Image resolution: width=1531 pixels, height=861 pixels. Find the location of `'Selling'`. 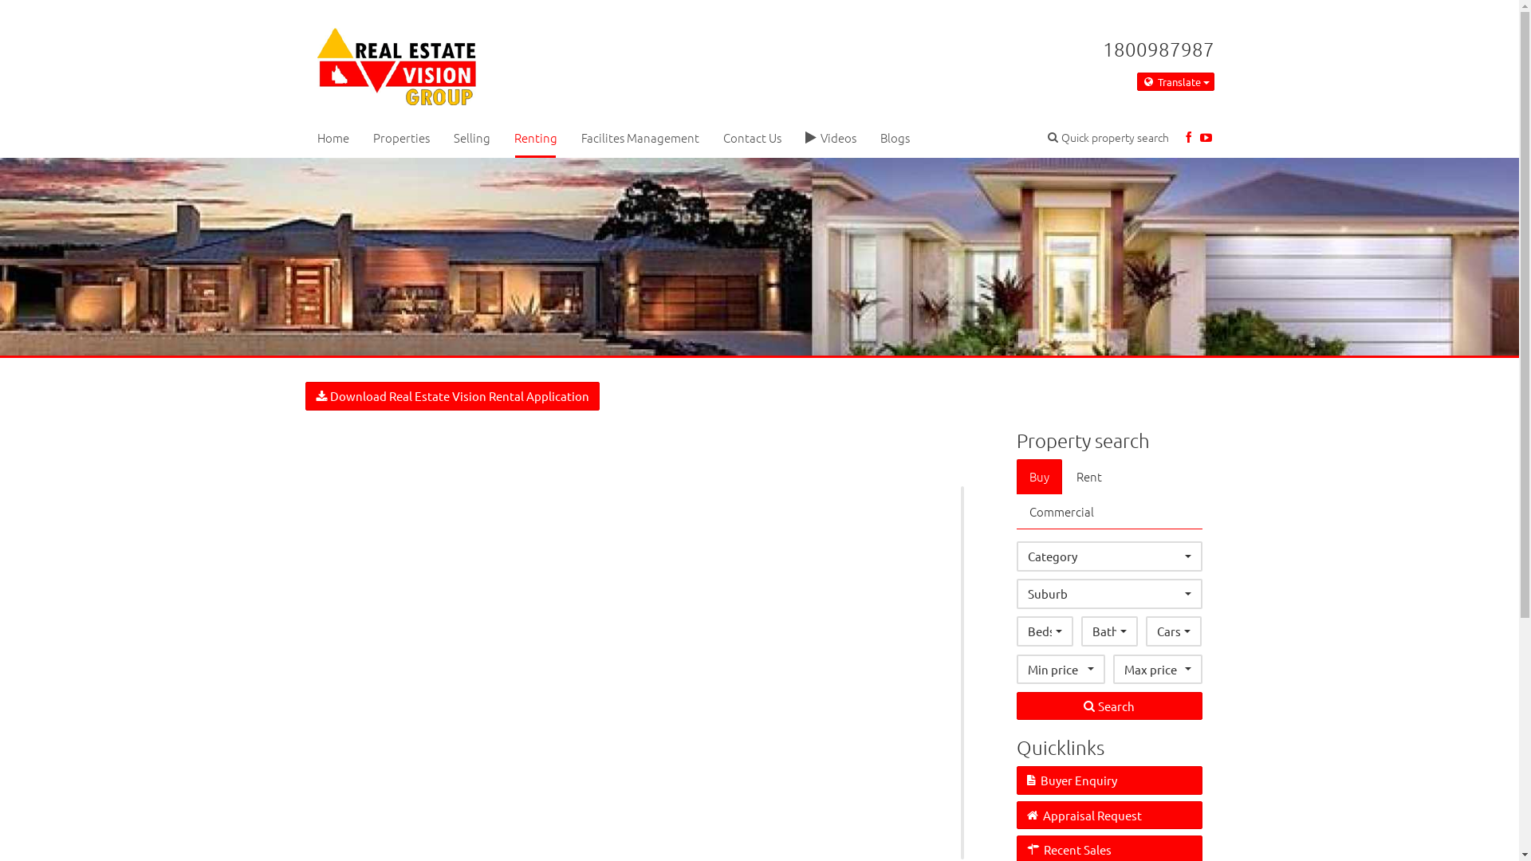

'Selling' is located at coordinates (441, 136).